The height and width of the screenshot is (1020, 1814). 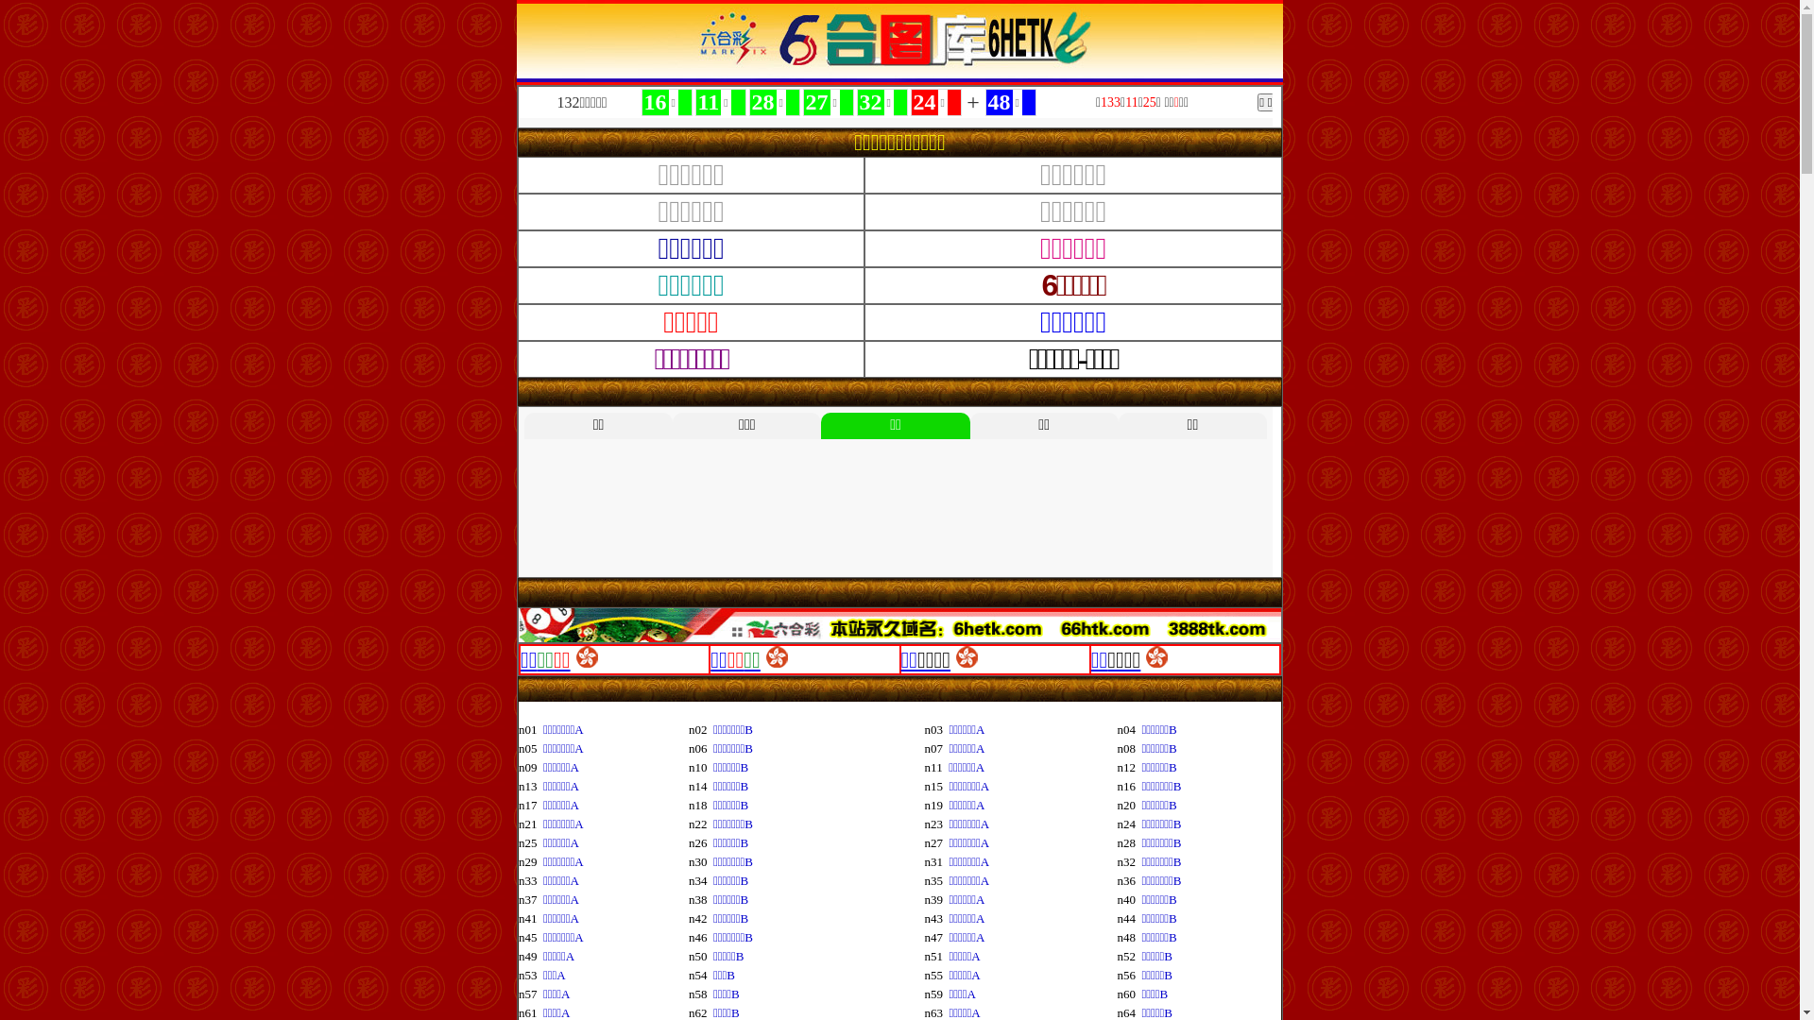 I want to click on 'n57 ', so click(x=518, y=993).